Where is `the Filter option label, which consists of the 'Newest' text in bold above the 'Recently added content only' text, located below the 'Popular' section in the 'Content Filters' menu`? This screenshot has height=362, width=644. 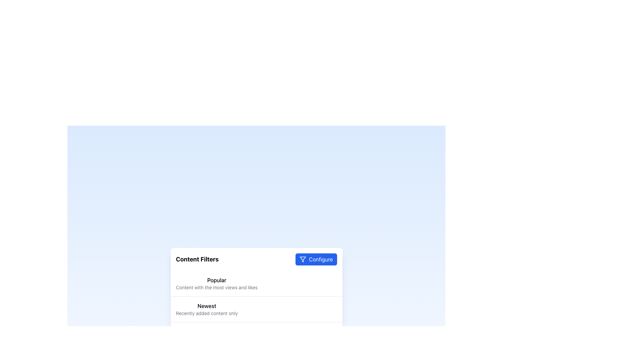
the Filter option label, which consists of the 'Newest' text in bold above the 'Recently added content only' text, located below the 'Popular' section in the 'Content Filters' menu is located at coordinates (206, 309).